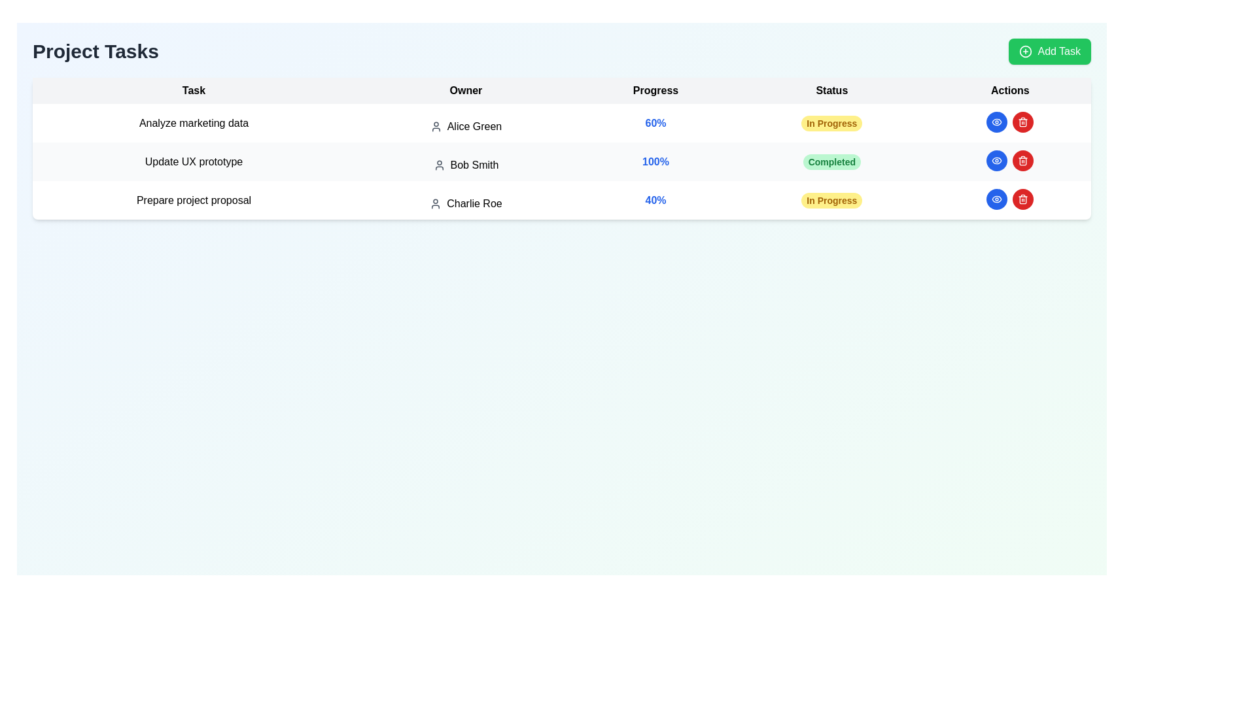 This screenshot has height=706, width=1256. What do you see at coordinates (1022, 122) in the screenshot?
I see `the delete Icon button located in the 'Actions' column of the task list, specifically in the last row` at bounding box center [1022, 122].